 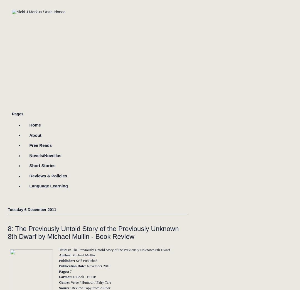 I want to click on 'Tuesday 6 December 2011', so click(x=32, y=209).